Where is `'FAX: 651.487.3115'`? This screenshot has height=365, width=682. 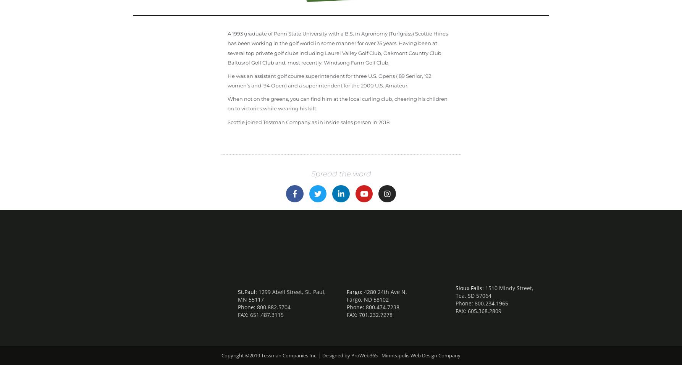
'FAX: 651.487.3115' is located at coordinates (260, 314).